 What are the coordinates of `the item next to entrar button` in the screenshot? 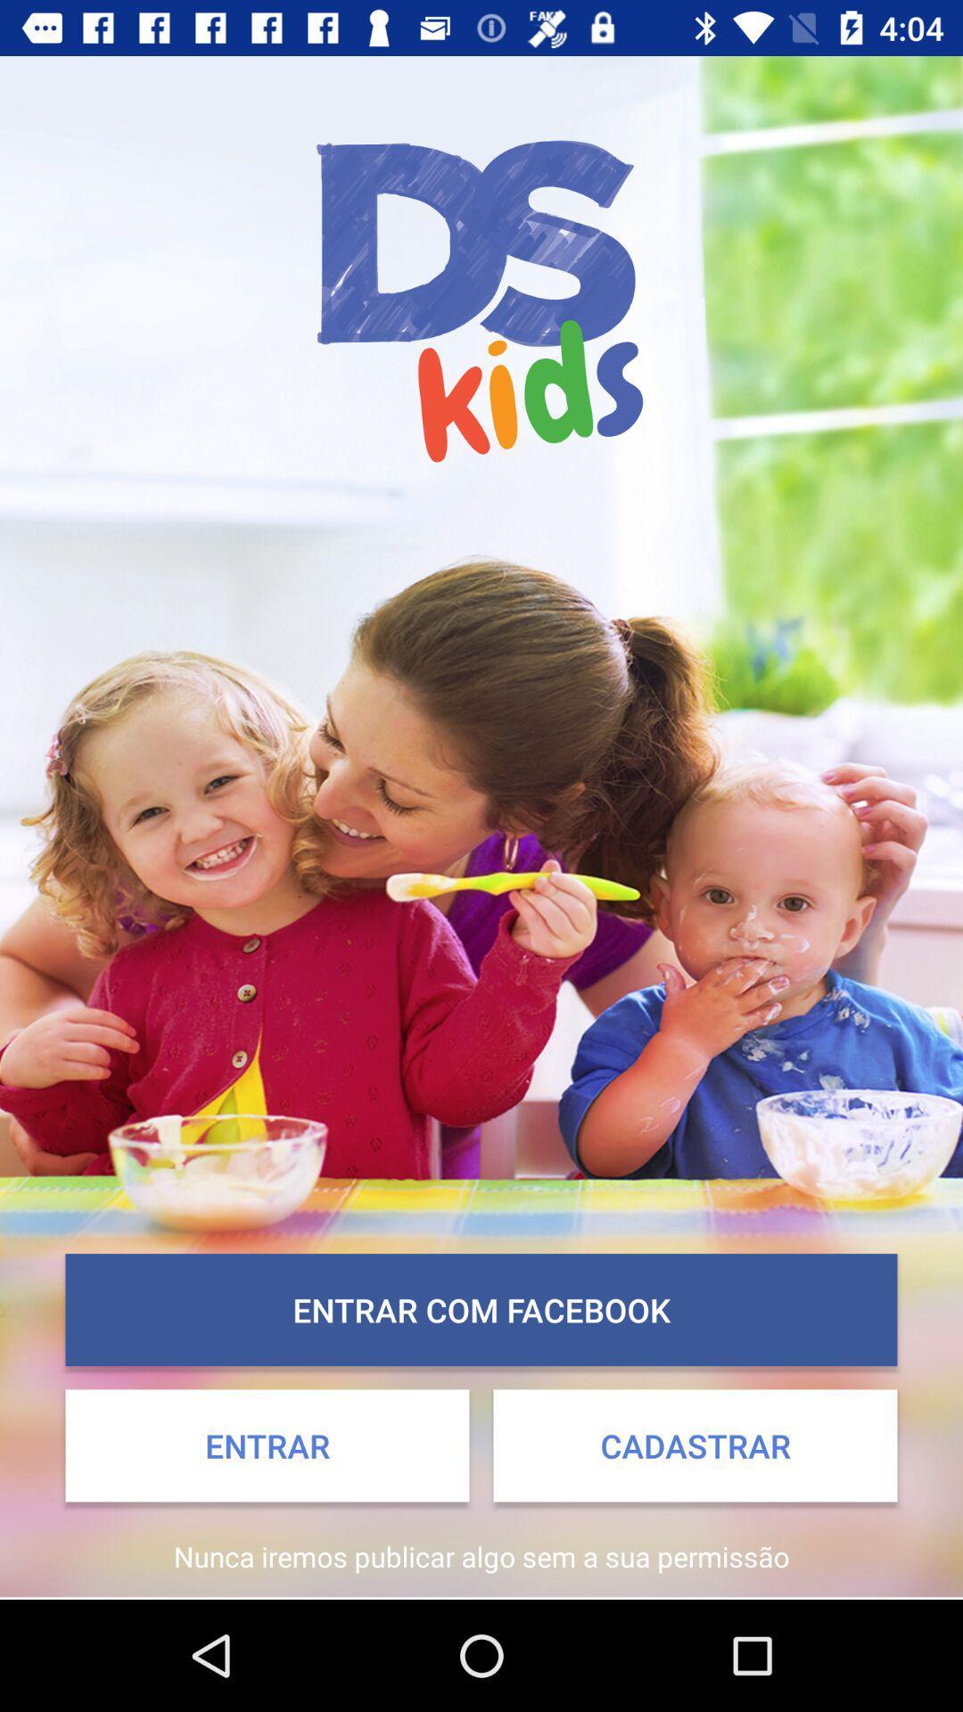 It's located at (694, 1445).